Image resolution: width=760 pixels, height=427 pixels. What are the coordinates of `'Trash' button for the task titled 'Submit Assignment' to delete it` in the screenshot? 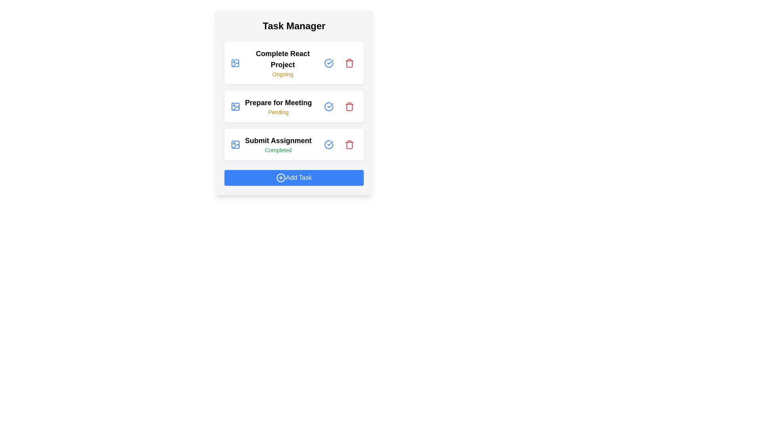 It's located at (349, 145).